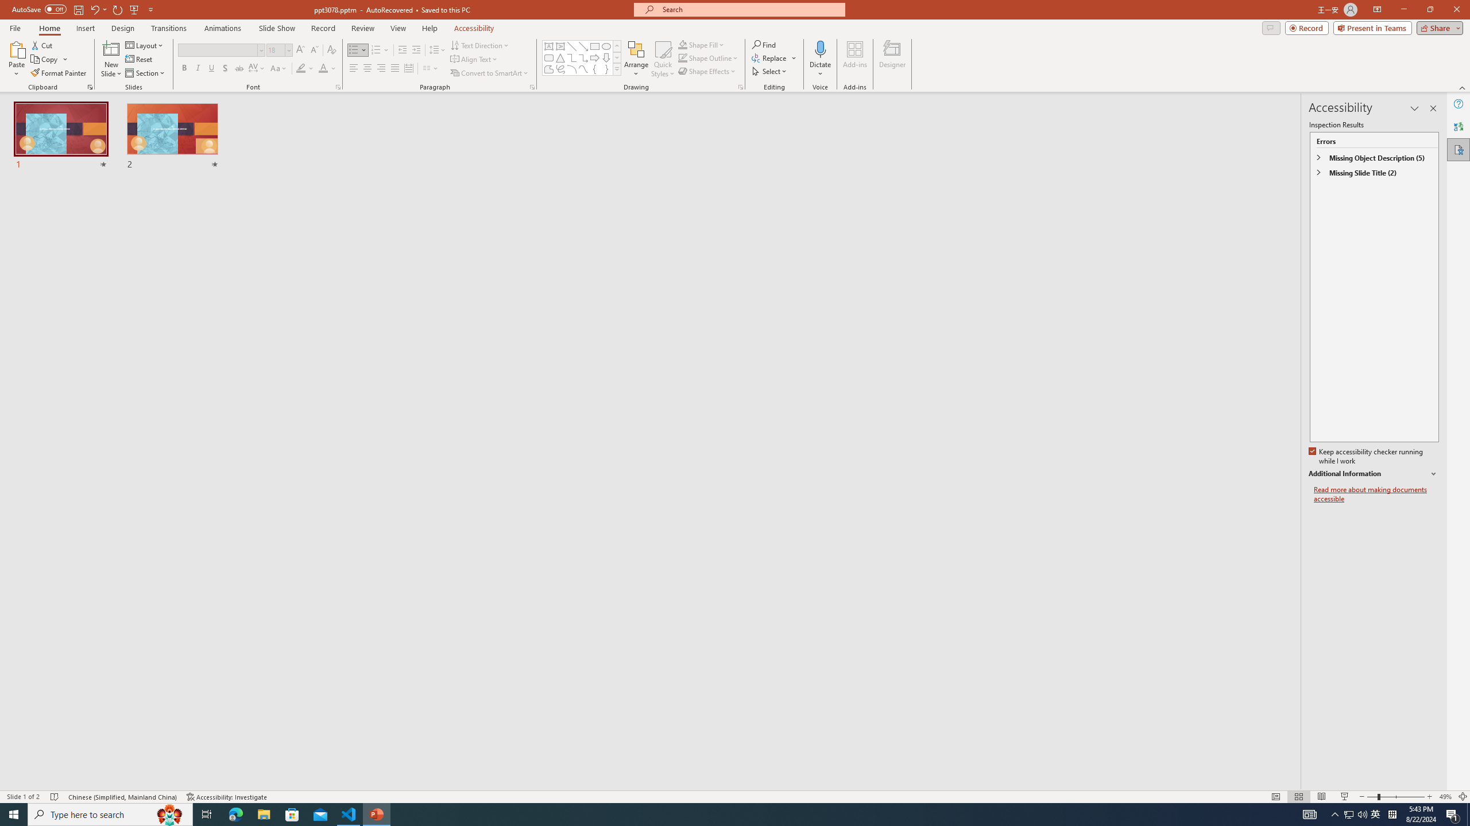 Image resolution: width=1470 pixels, height=826 pixels. What do you see at coordinates (683, 57) in the screenshot?
I see `'Shape Outline Green, Accent 1'` at bounding box center [683, 57].